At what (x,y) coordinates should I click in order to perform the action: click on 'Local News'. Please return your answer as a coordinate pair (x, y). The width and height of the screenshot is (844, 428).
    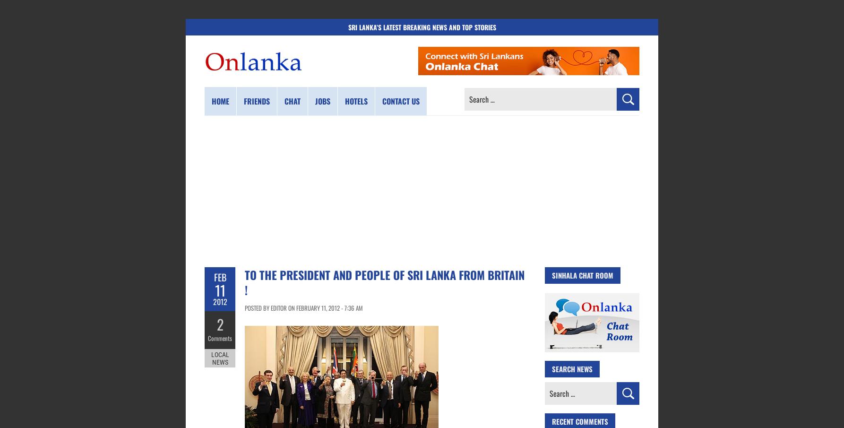
    Looking at the image, I should click on (219, 358).